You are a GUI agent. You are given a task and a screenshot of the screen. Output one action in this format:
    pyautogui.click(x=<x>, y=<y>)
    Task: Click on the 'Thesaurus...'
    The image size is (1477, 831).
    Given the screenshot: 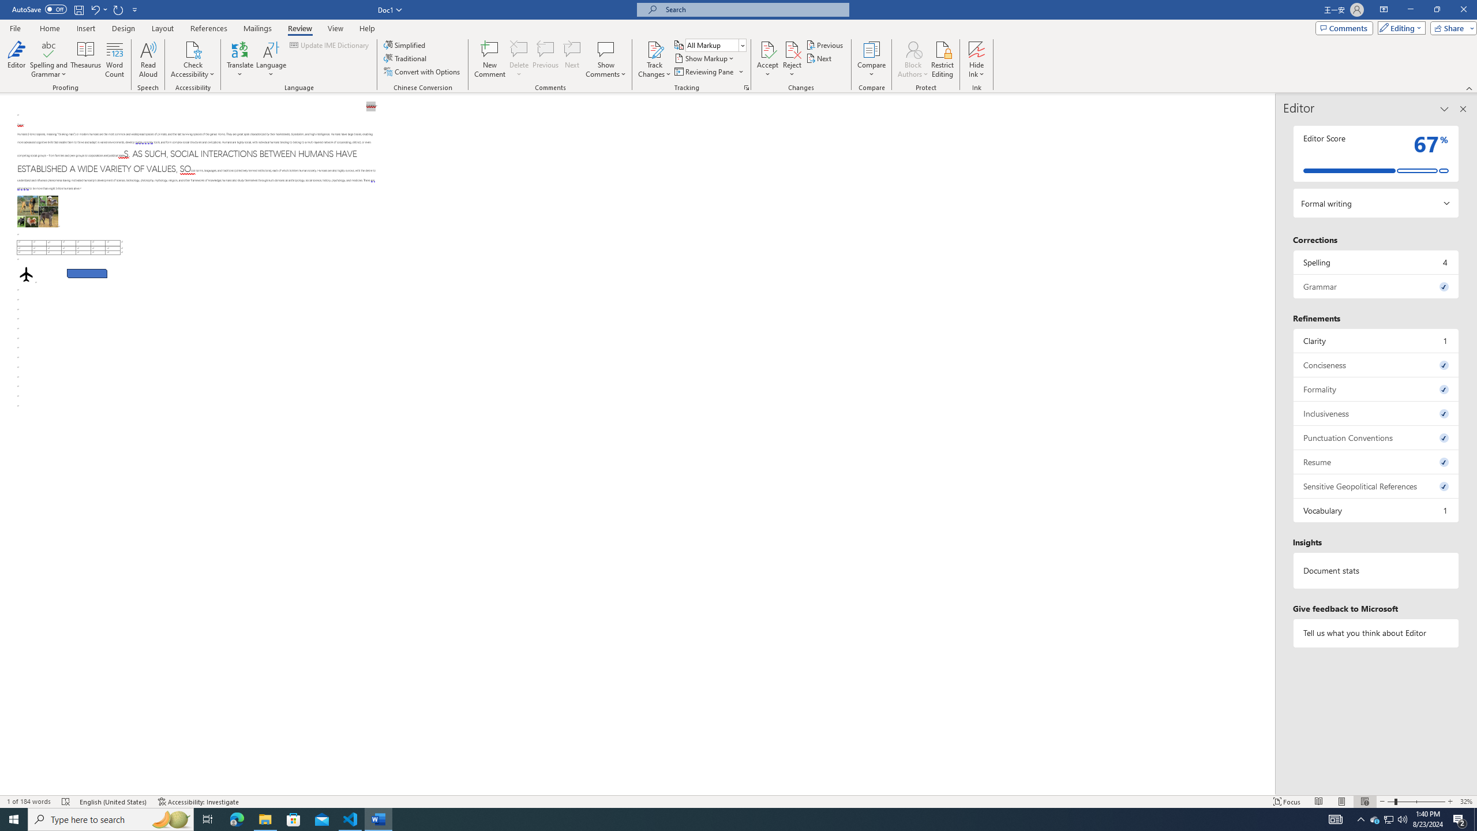 What is the action you would take?
    pyautogui.click(x=85, y=59)
    